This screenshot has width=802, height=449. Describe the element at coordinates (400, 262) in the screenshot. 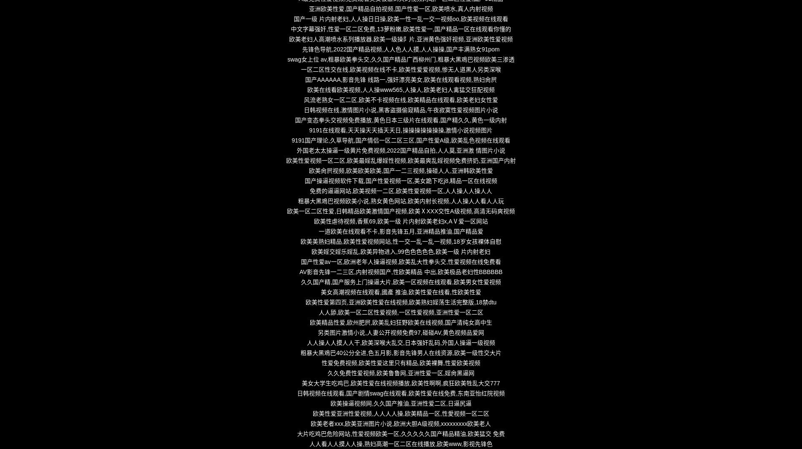

I see `'国产性爱av一区,欧洲老年人操逼视频,欧美乱大性拳头交,性爱视频在线免费看'` at that location.